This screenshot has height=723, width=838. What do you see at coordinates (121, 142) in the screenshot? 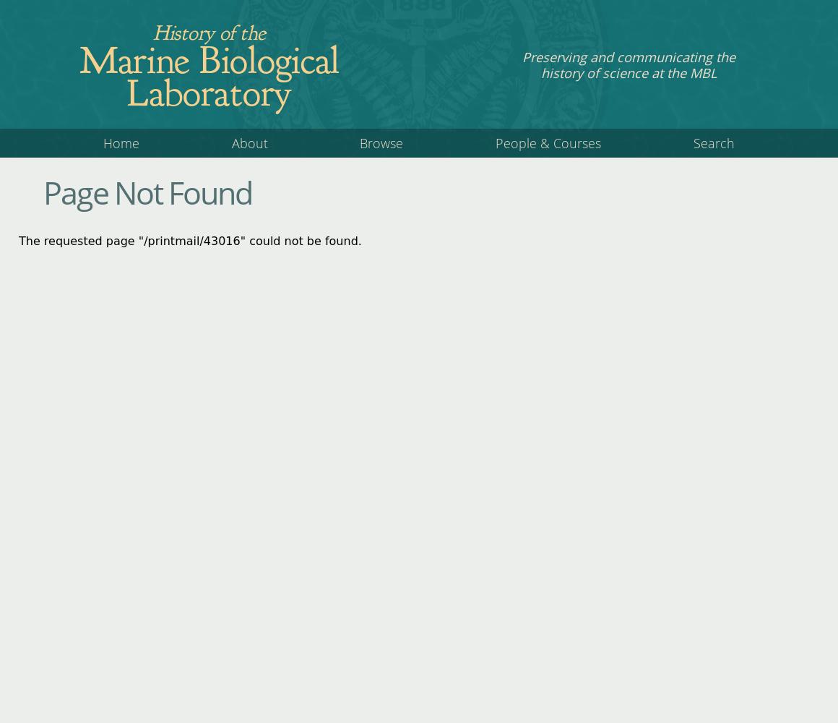
I see `'Home'` at bounding box center [121, 142].